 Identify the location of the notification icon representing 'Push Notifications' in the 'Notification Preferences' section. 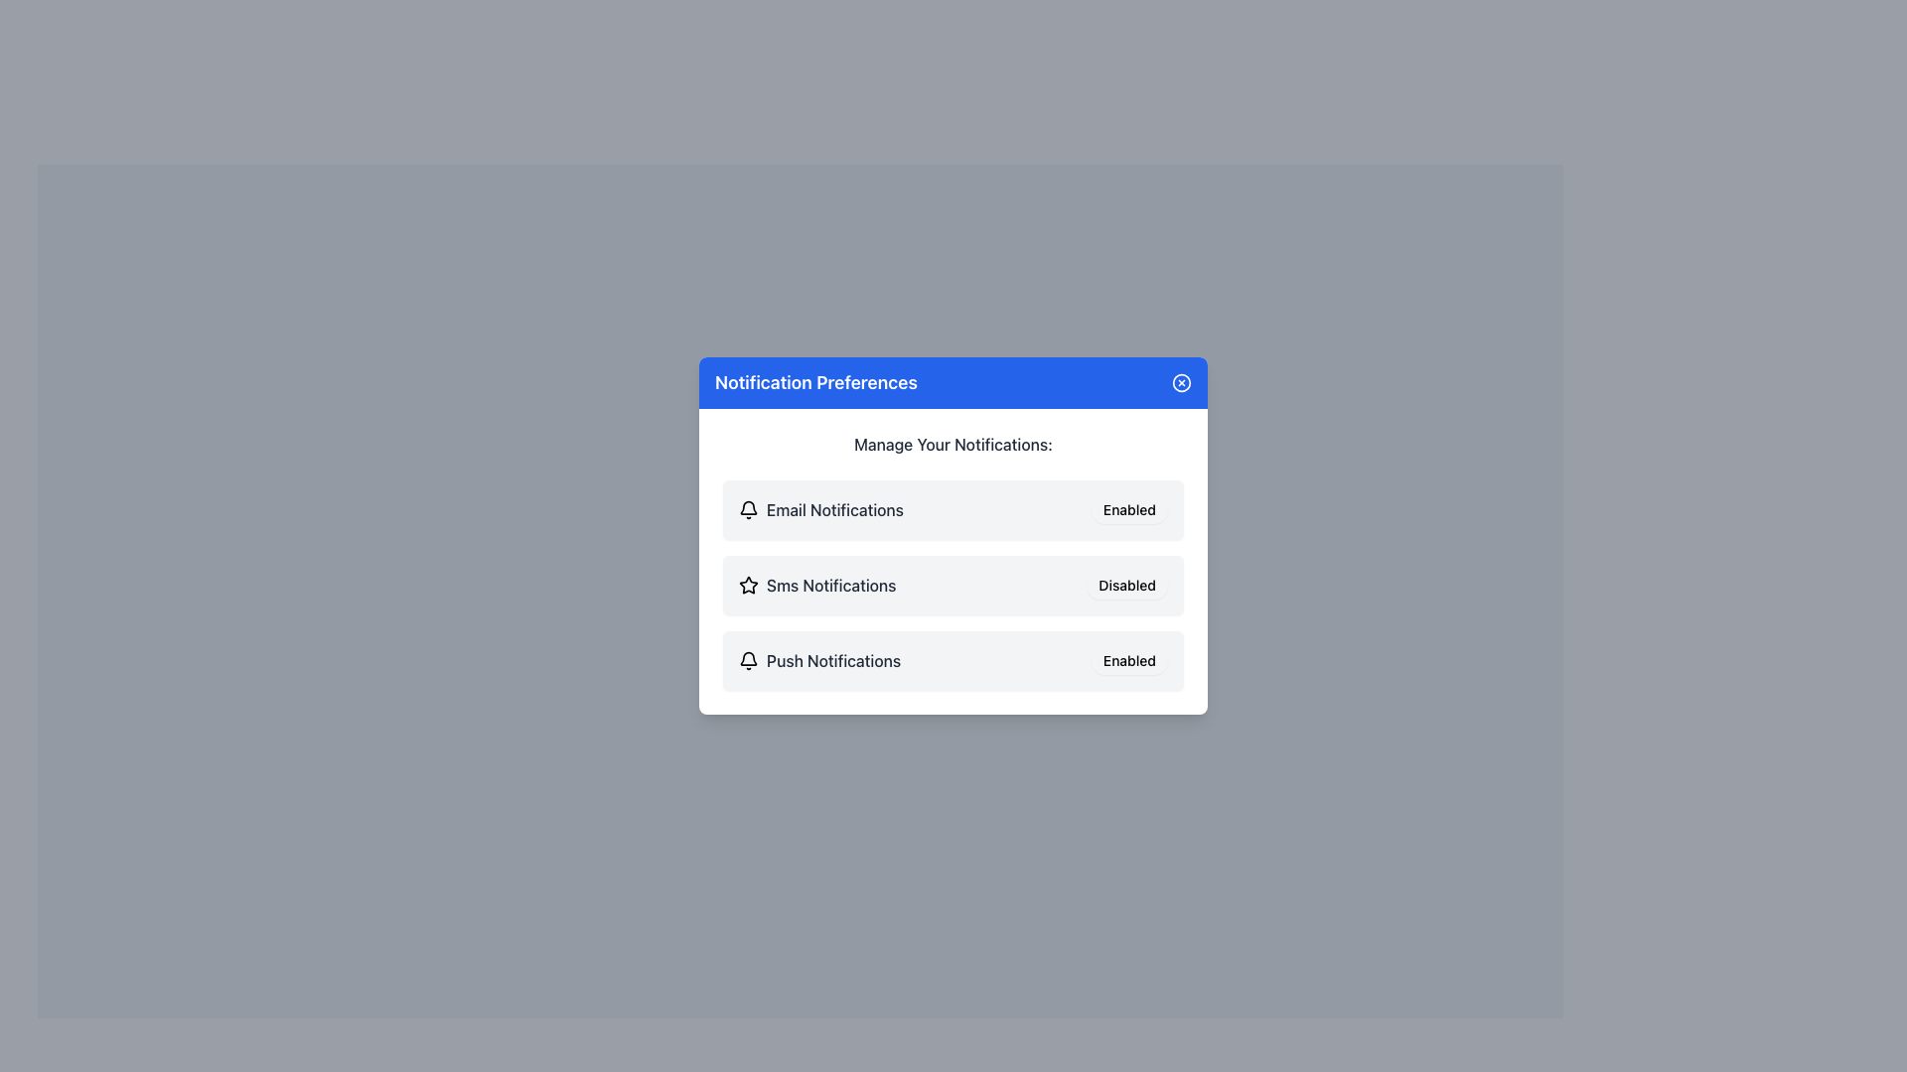
(747, 661).